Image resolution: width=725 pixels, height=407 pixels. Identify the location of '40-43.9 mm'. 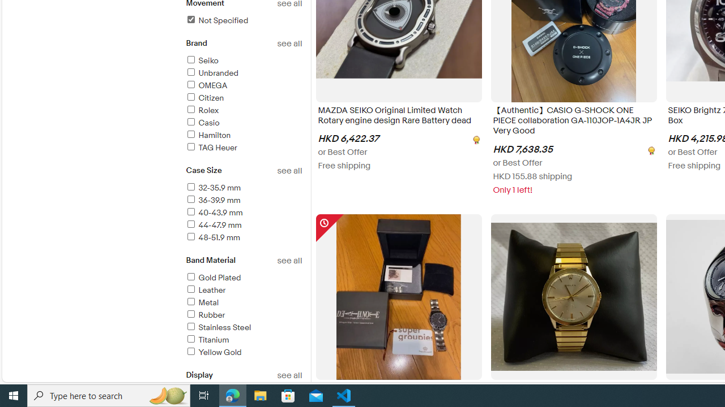
(243, 213).